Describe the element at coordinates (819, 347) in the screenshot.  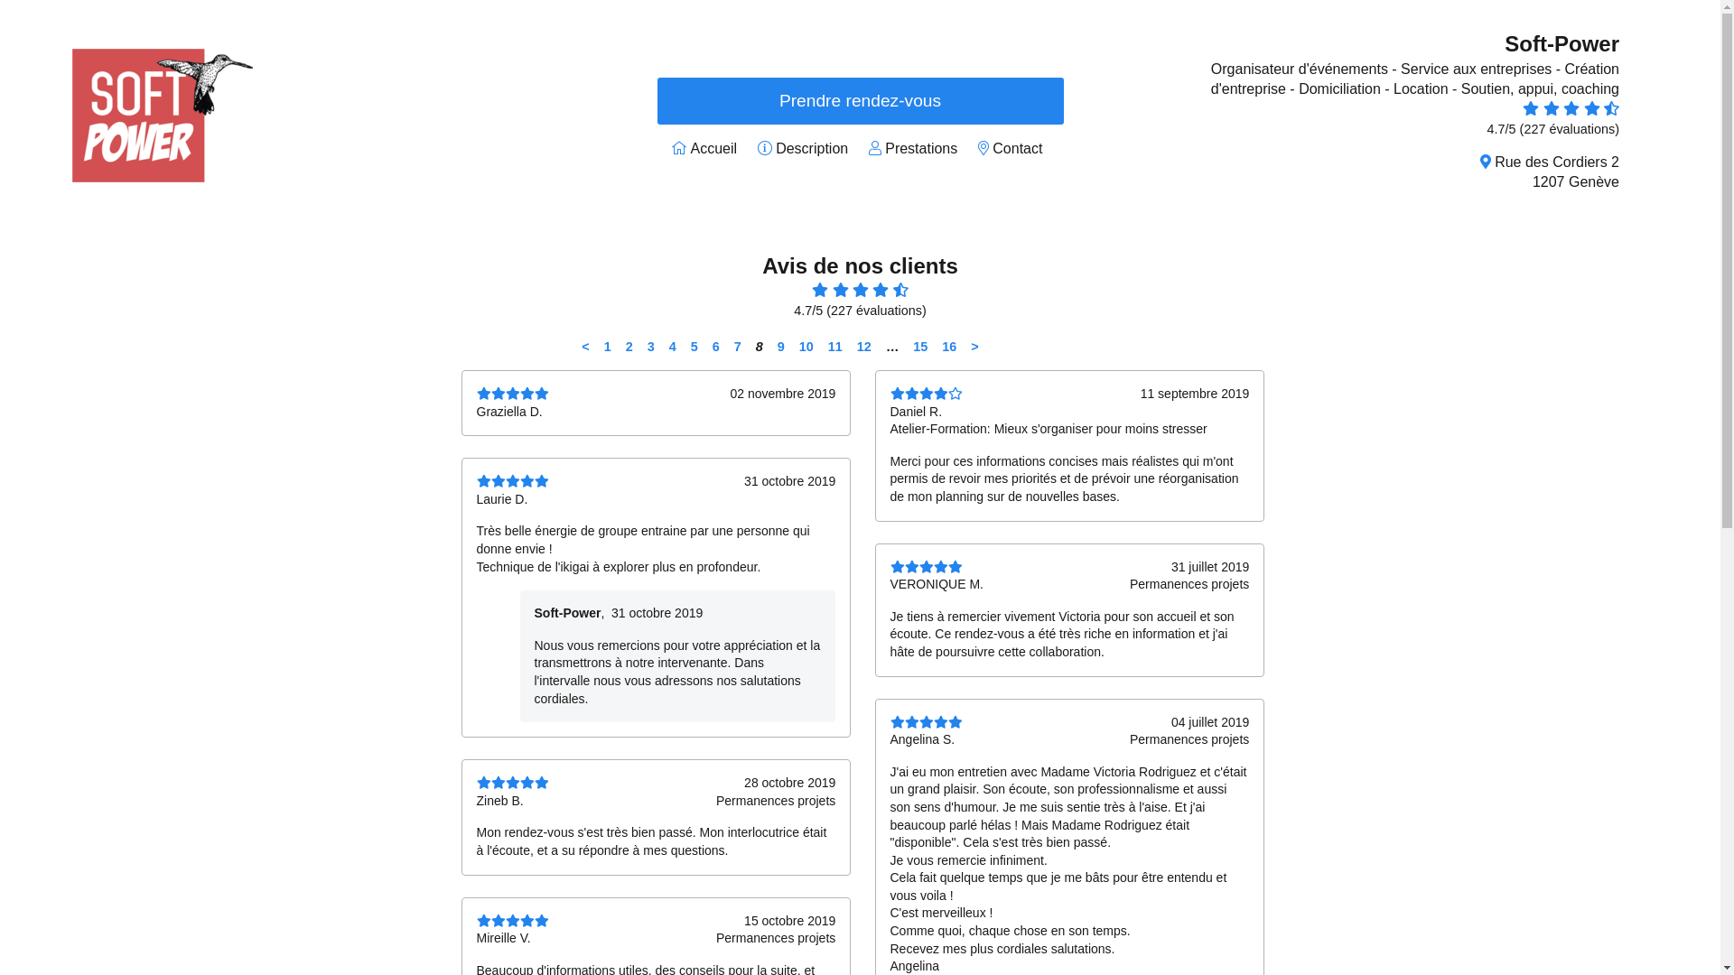
I see `'11'` at that location.